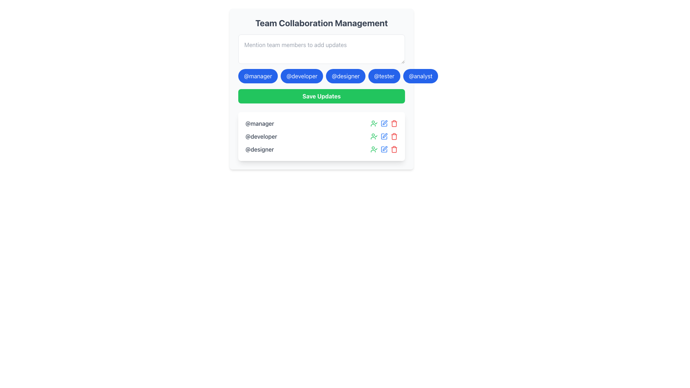 The height and width of the screenshot is (388, 690). I want to click on the pen icon next to the text '@developer' to initiate an edit action, so click(385, 135).